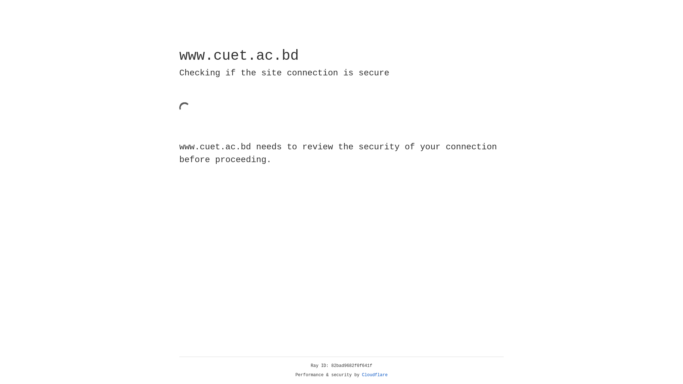 The width and height of the screenshot is (683, 384). What do you see at coordinates (375, 375) in the screenshot?
I see `'Cloudflare'` at bounding box center [375, 375].